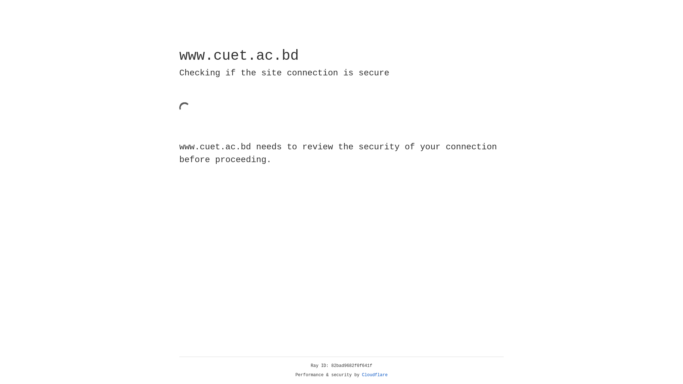 The width and height of the screenshot is (683, 384). What do you see at coordinates (375, 375) in the screenshot?
I see `'Cloudflare'` at bounding box center [375, 375].